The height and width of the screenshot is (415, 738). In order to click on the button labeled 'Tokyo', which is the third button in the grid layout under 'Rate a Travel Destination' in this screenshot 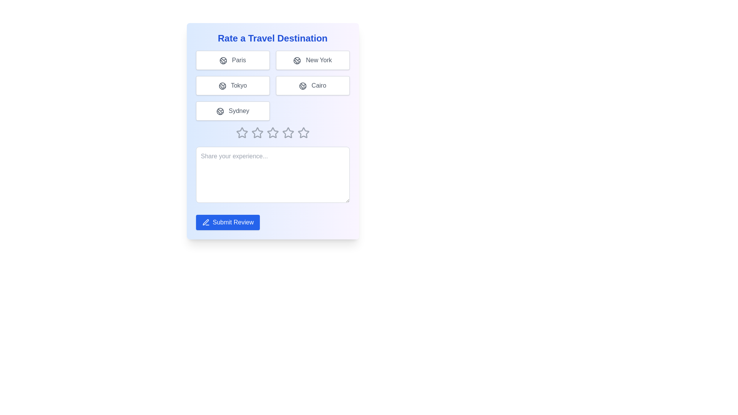, I will do `click(232, 86)`.